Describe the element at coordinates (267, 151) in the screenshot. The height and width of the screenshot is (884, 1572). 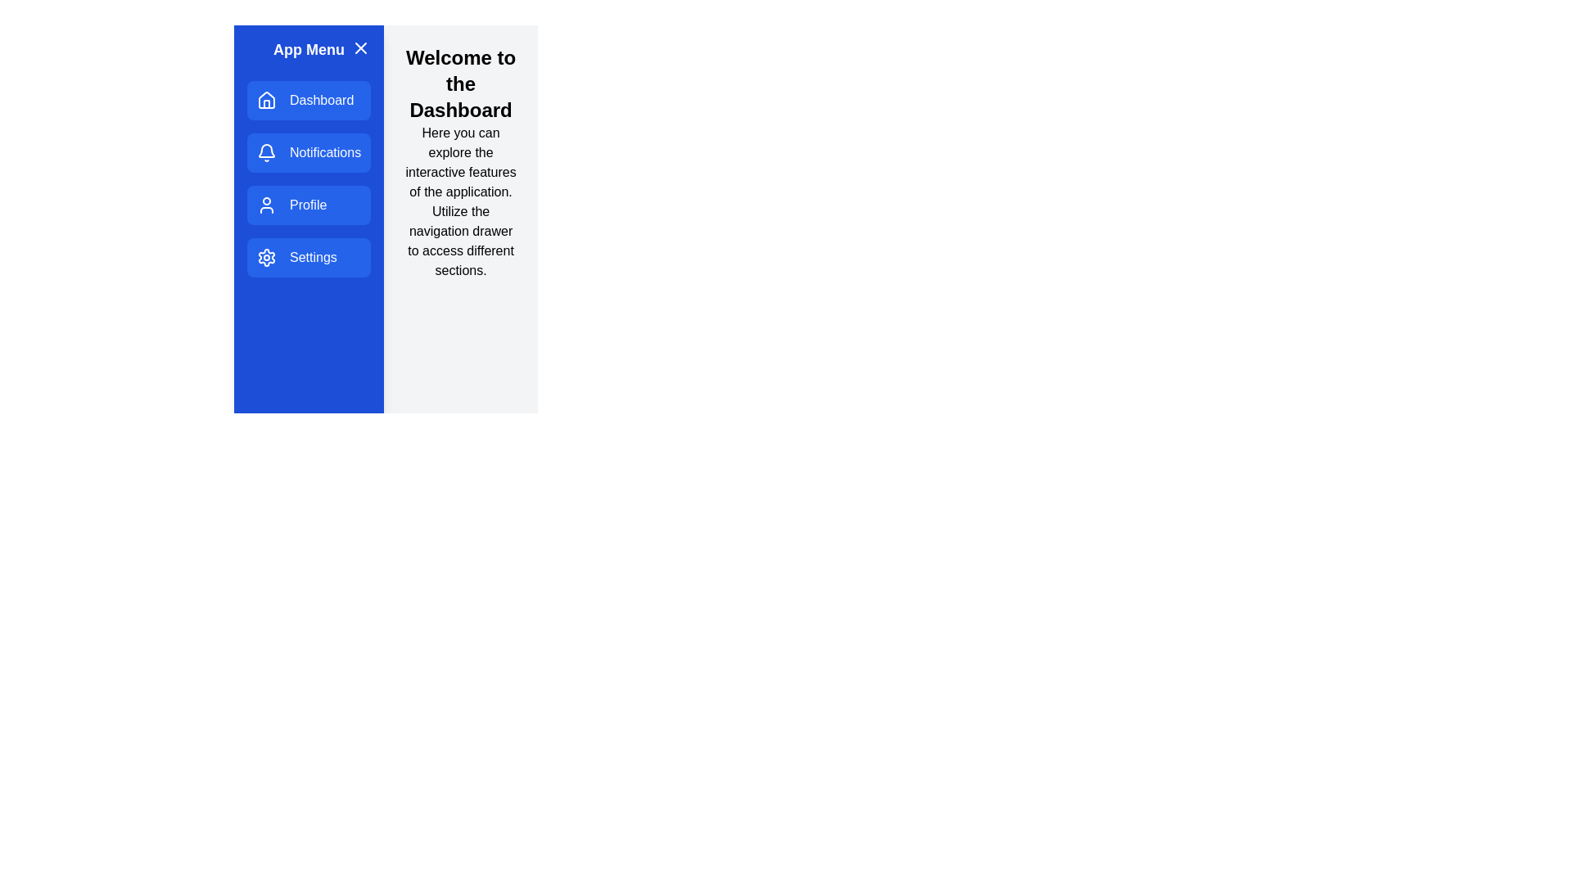
I see `the 'Notifications' menu button, which contains the bell icon, located below the 'Dashboard' button and above the 'Profile' button in the vertical navigation menu` at that location.